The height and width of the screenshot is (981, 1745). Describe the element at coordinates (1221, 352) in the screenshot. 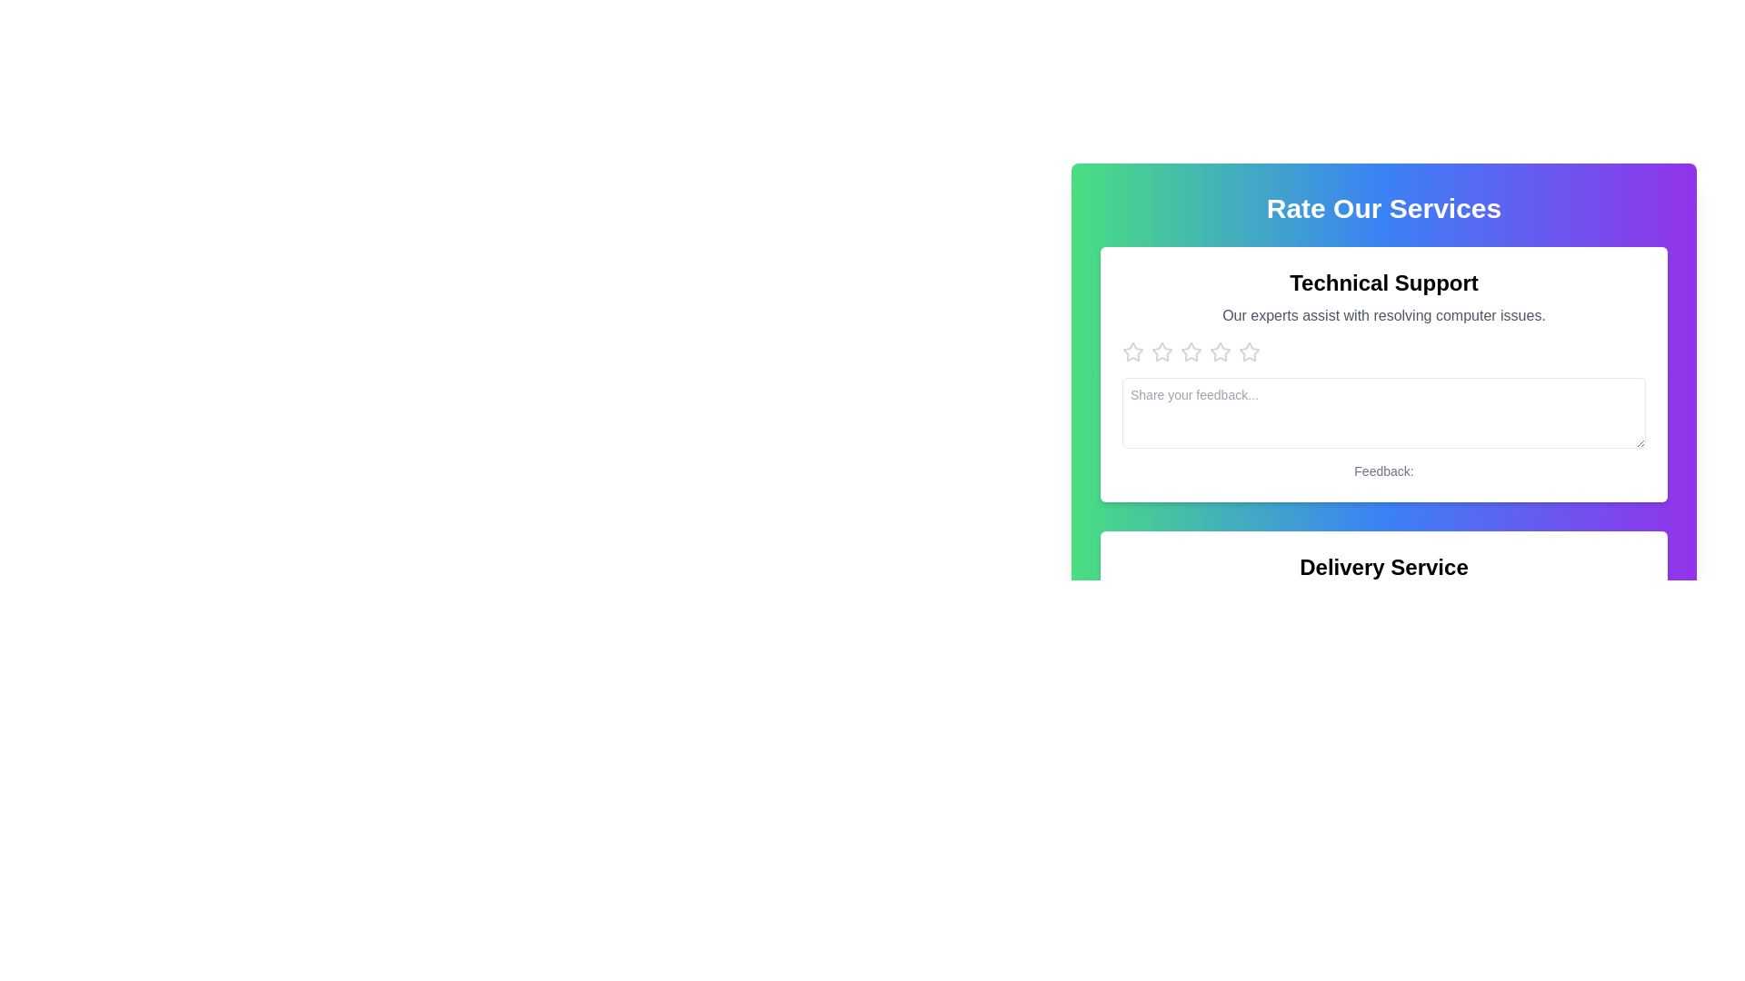

I see `the second star-shaped rating icon under the 'Technical Support' heading in the 'Rate Our Services' section to rate it` at that location.